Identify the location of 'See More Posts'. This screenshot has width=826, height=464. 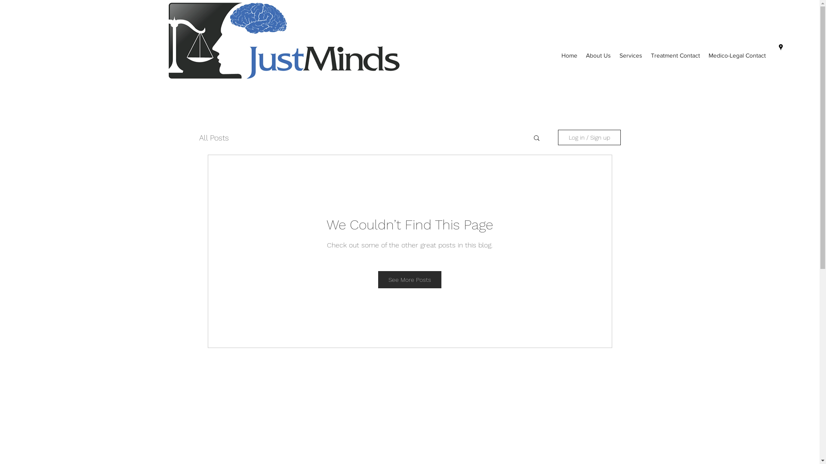
(409, 280).